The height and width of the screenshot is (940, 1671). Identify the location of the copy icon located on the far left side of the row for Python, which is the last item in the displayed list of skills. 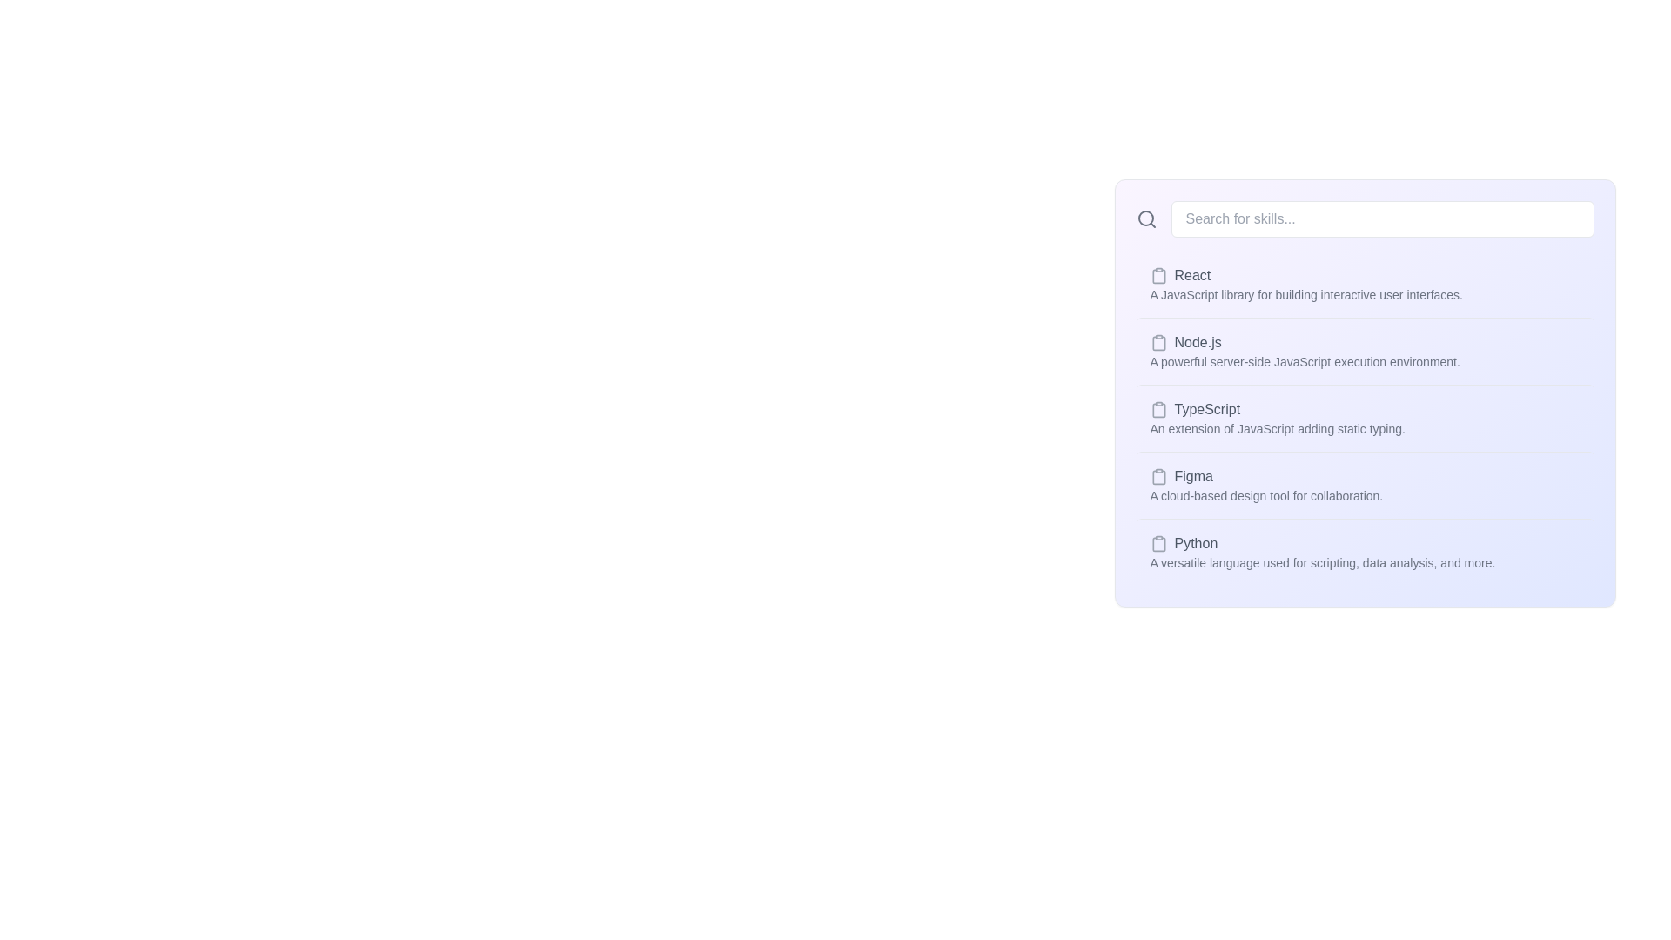
(1158, 542).